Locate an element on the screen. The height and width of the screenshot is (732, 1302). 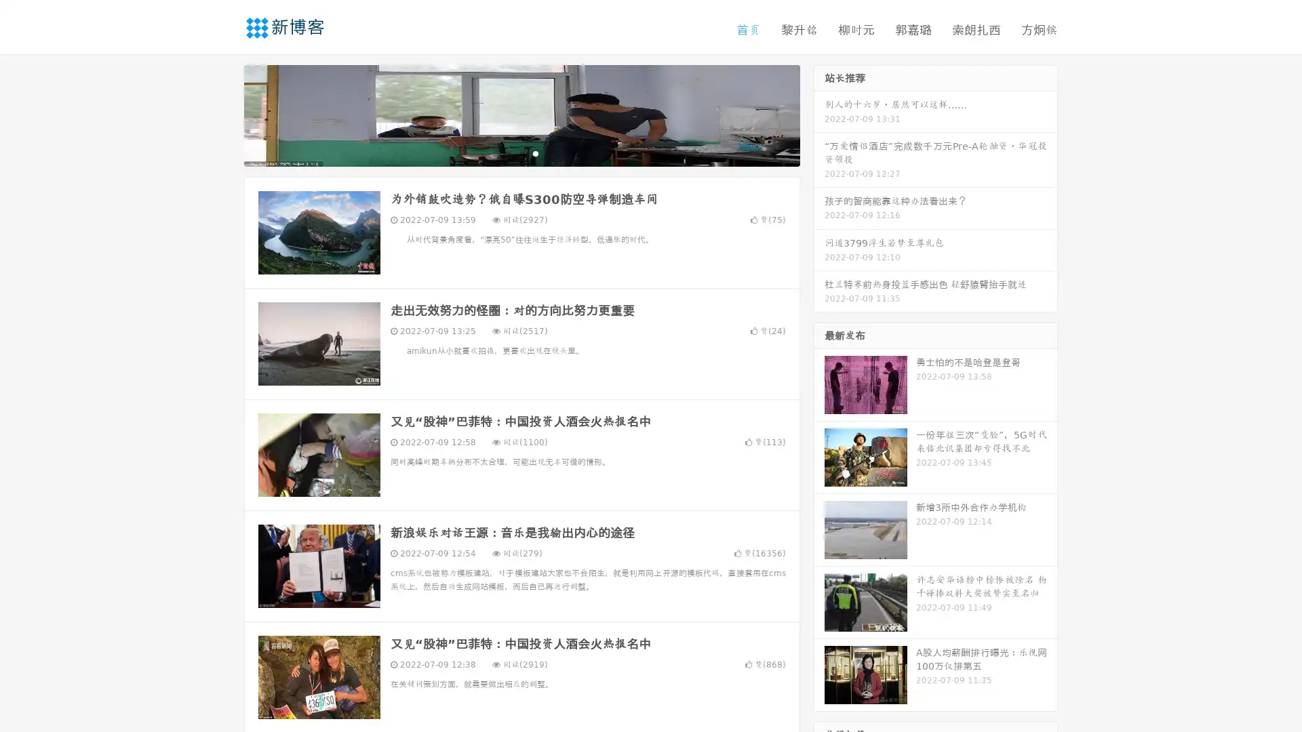
Previous slide is located at coordinates (224, 114).